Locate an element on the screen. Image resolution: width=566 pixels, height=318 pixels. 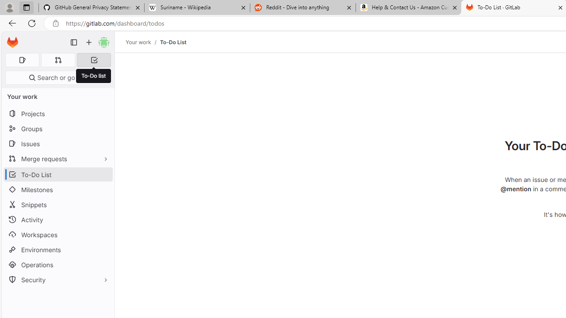
'Snippets' is located at coordinates (57, 204).